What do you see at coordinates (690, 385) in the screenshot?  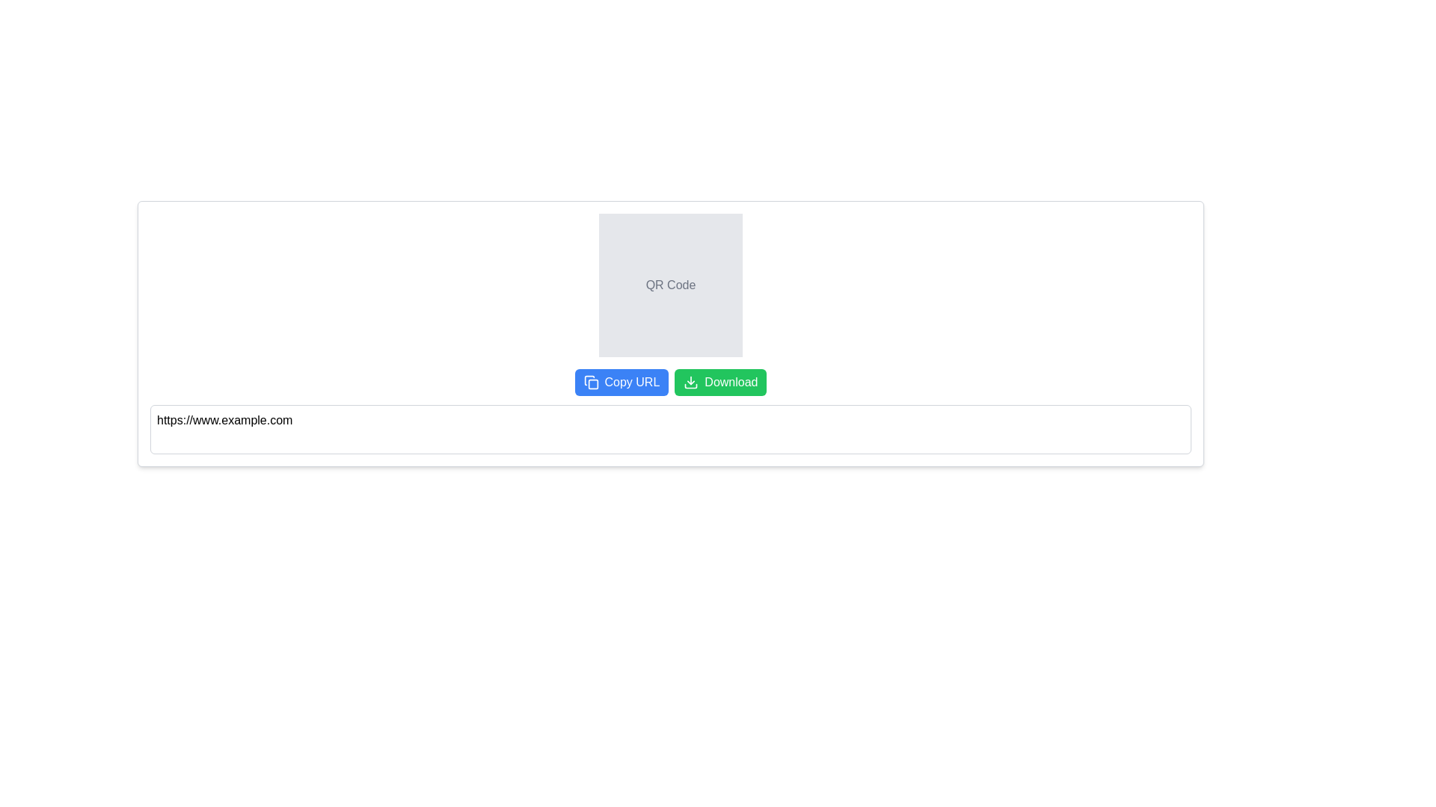 I see `the appearance of the curved line resembling an arc in the download icon located below the QR Code, positioned to the left of the 'Download' button` at bounding box center [690, 385].